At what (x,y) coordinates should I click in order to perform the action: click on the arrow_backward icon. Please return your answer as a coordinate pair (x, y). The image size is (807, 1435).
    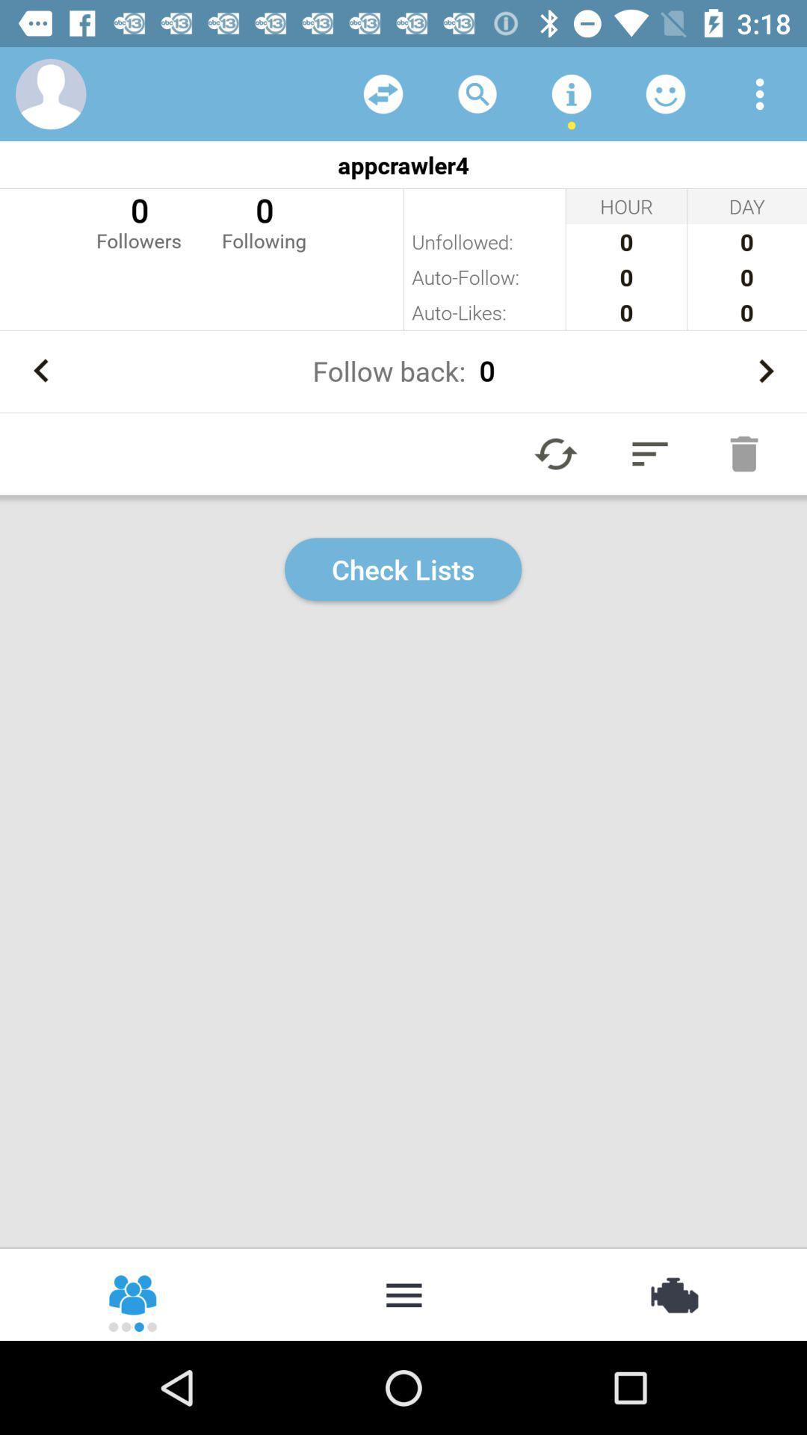
    Looking at the image, I should click on (40, 371).